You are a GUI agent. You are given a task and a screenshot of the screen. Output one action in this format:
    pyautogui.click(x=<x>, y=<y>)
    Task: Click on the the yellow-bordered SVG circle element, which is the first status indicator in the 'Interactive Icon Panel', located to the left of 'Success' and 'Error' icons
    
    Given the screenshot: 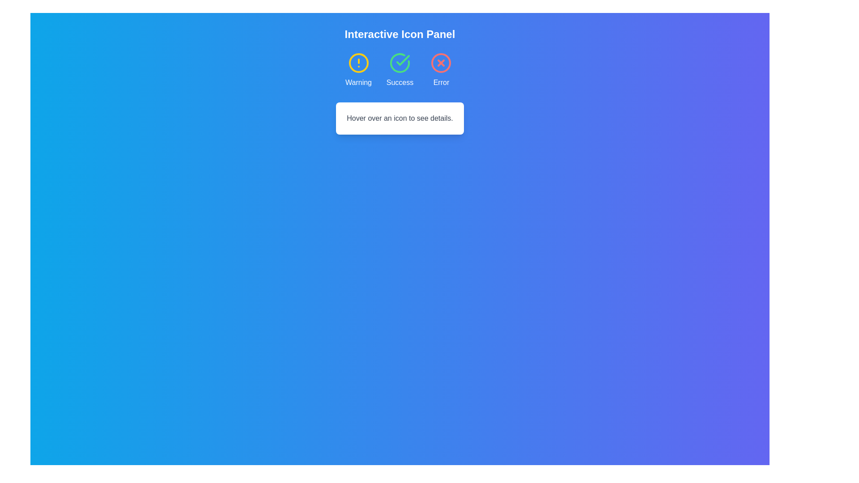 What is the action you would take?
    pyautogui.click(x=358, y=63)
    